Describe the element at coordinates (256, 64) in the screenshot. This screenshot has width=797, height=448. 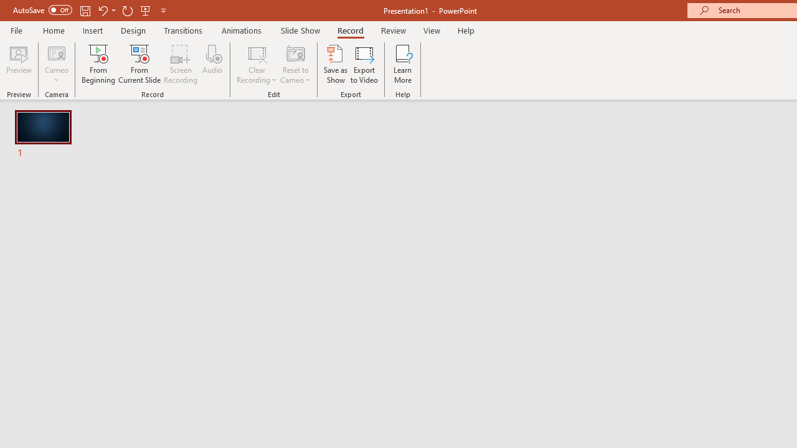
I see `'Clear Recording'` at that location.